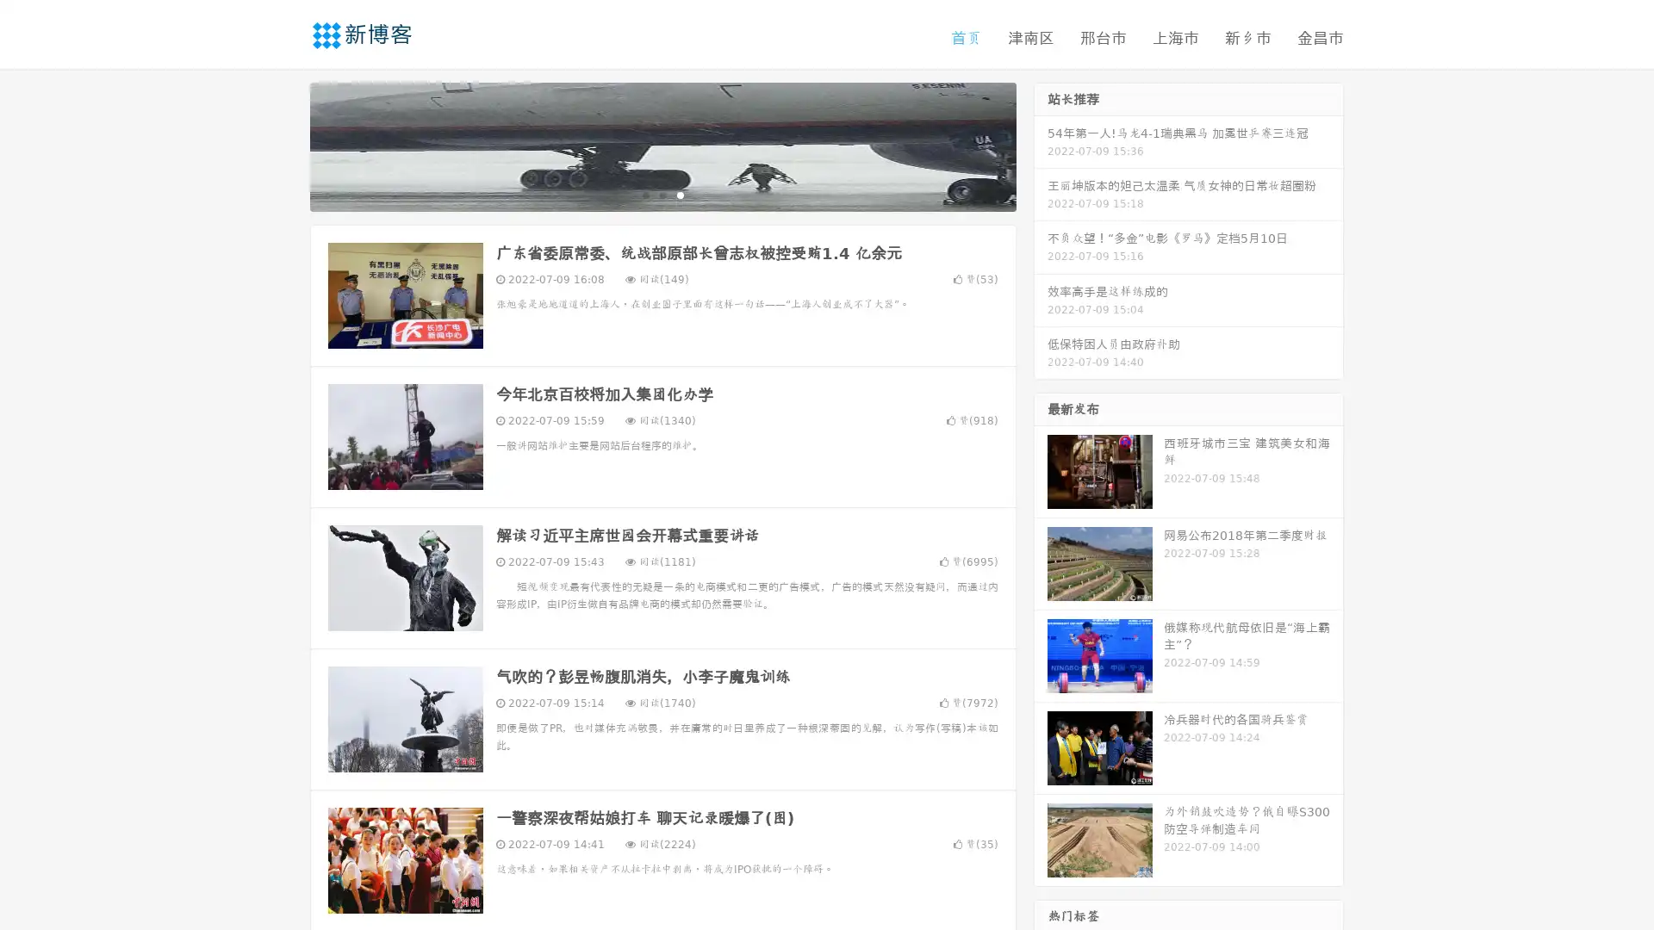 Image resolution: width=1654 pixels, height=930 pixels. What do you see at coordinates (644, 194) in the screenshot?
I see `Go to slide 1` at bounding box center [644, 194].